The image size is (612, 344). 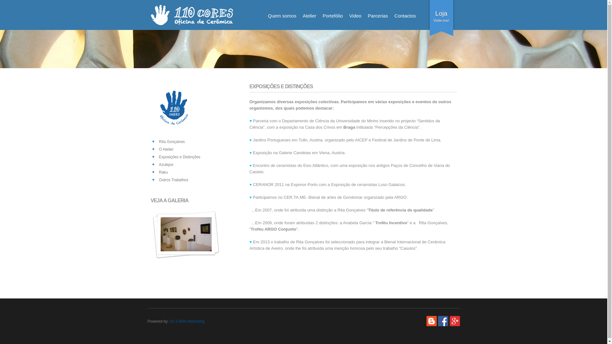 I want to click on 'Facebook', so click(x=443, y=324).